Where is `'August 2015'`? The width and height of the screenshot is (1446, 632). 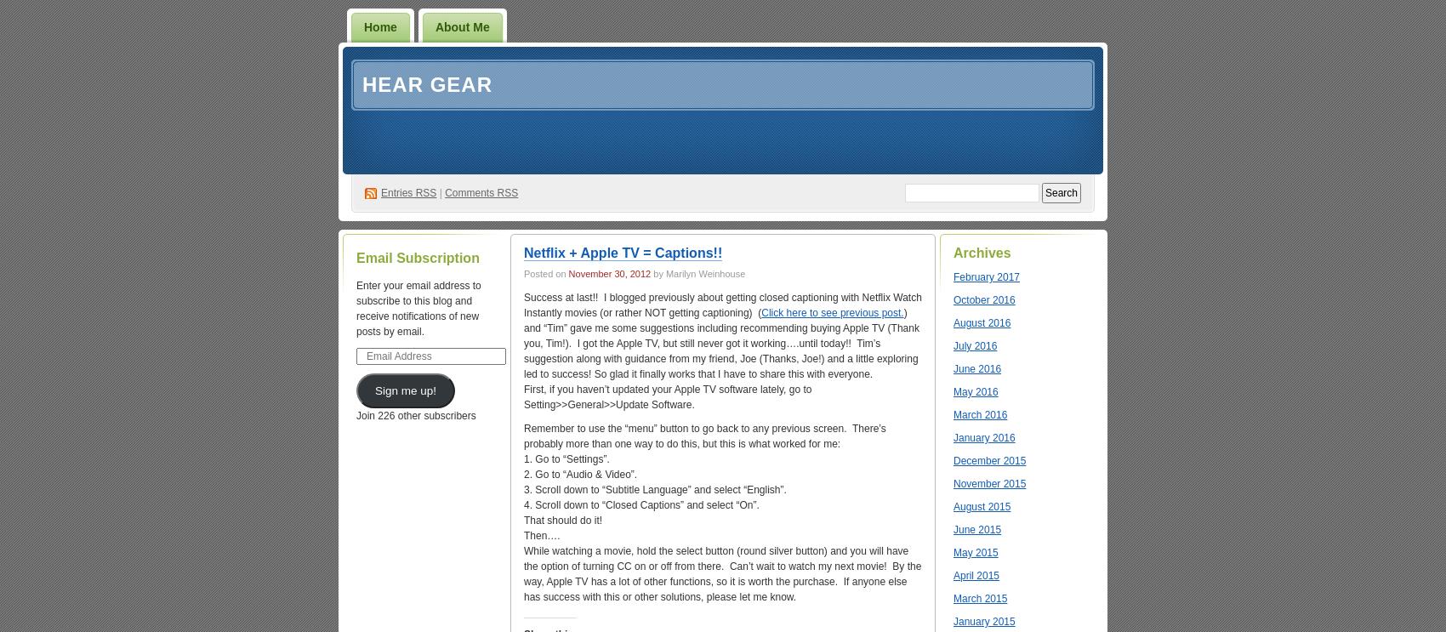
'August 2015' is located at coordinates (982, 507).